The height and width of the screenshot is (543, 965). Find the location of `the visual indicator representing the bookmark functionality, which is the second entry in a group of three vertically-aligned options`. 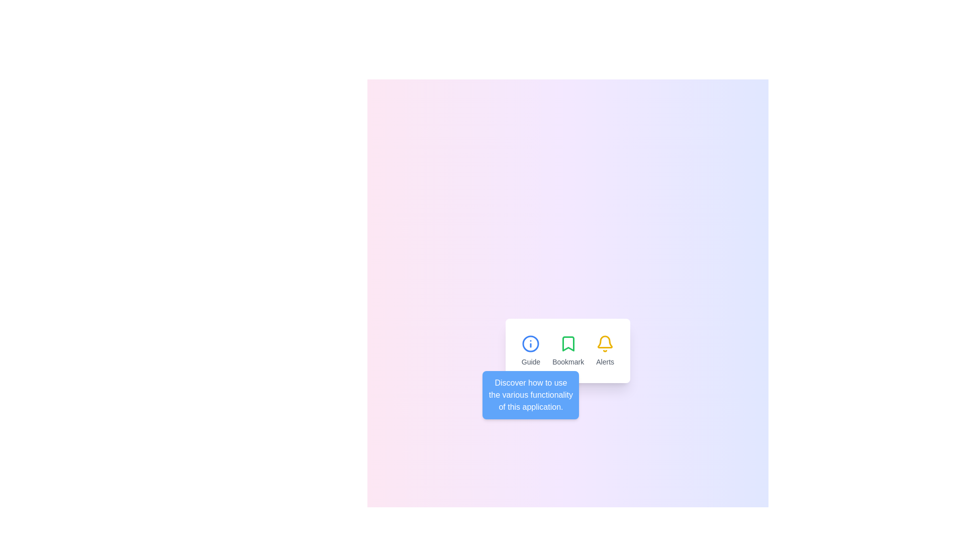

the visual indicator representing the bookmark functionality, which is the second entry in a group of three vertically-aligned options is located at coordinates (568, 350).